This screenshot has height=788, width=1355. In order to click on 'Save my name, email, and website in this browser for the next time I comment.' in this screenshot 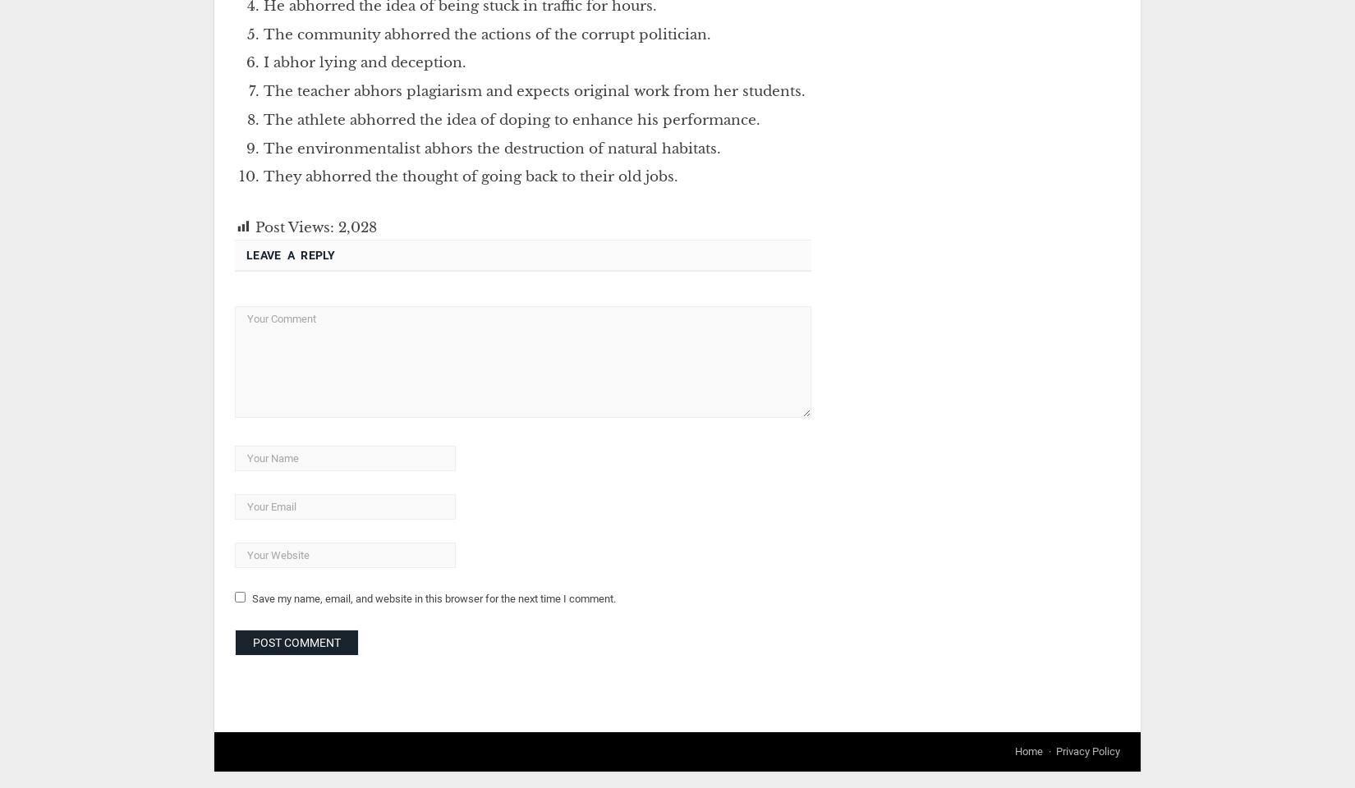, I will do `click(433, 597)`.